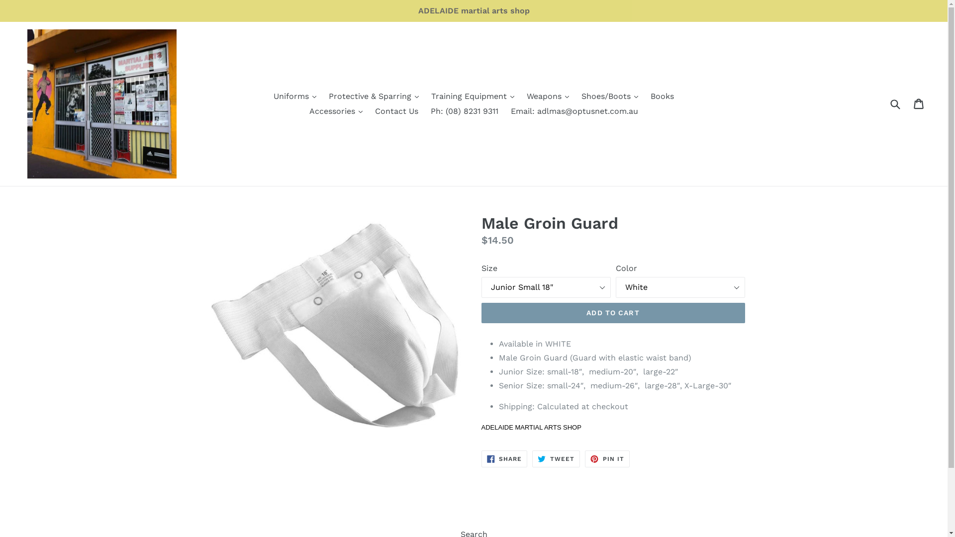 The height and width of the screenshot is (537, 955). Describe the element at coordinates (473, 11) in the screenshot. I see `'ADELAIDE martial arts shop'` at that location.